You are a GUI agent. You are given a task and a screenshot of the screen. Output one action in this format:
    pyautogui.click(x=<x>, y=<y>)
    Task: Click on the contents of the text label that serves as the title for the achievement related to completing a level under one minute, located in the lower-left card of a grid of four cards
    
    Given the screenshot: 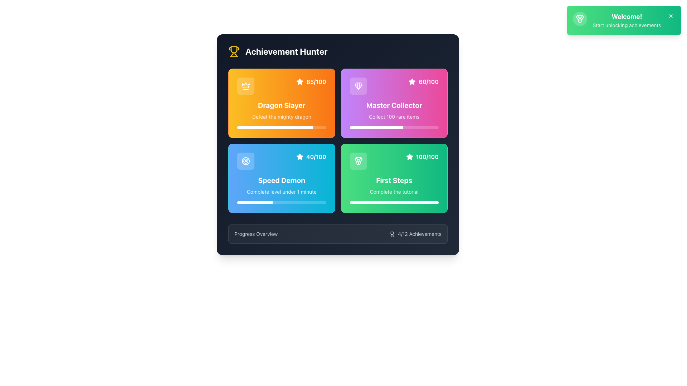 What is the action you would take?
    pyautogui.click(x=281, y=180)
    